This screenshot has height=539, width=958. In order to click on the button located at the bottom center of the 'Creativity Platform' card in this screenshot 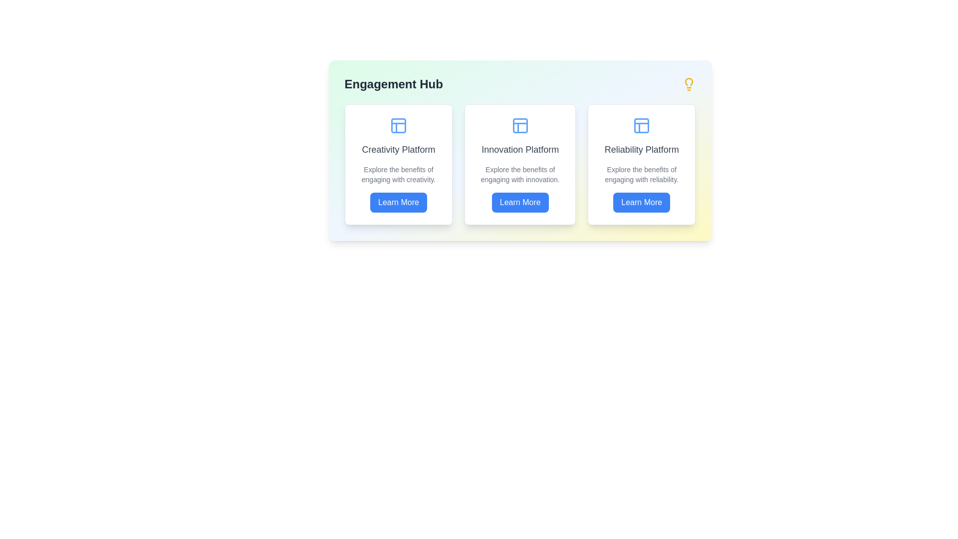, I will do `click(398, 202)`.